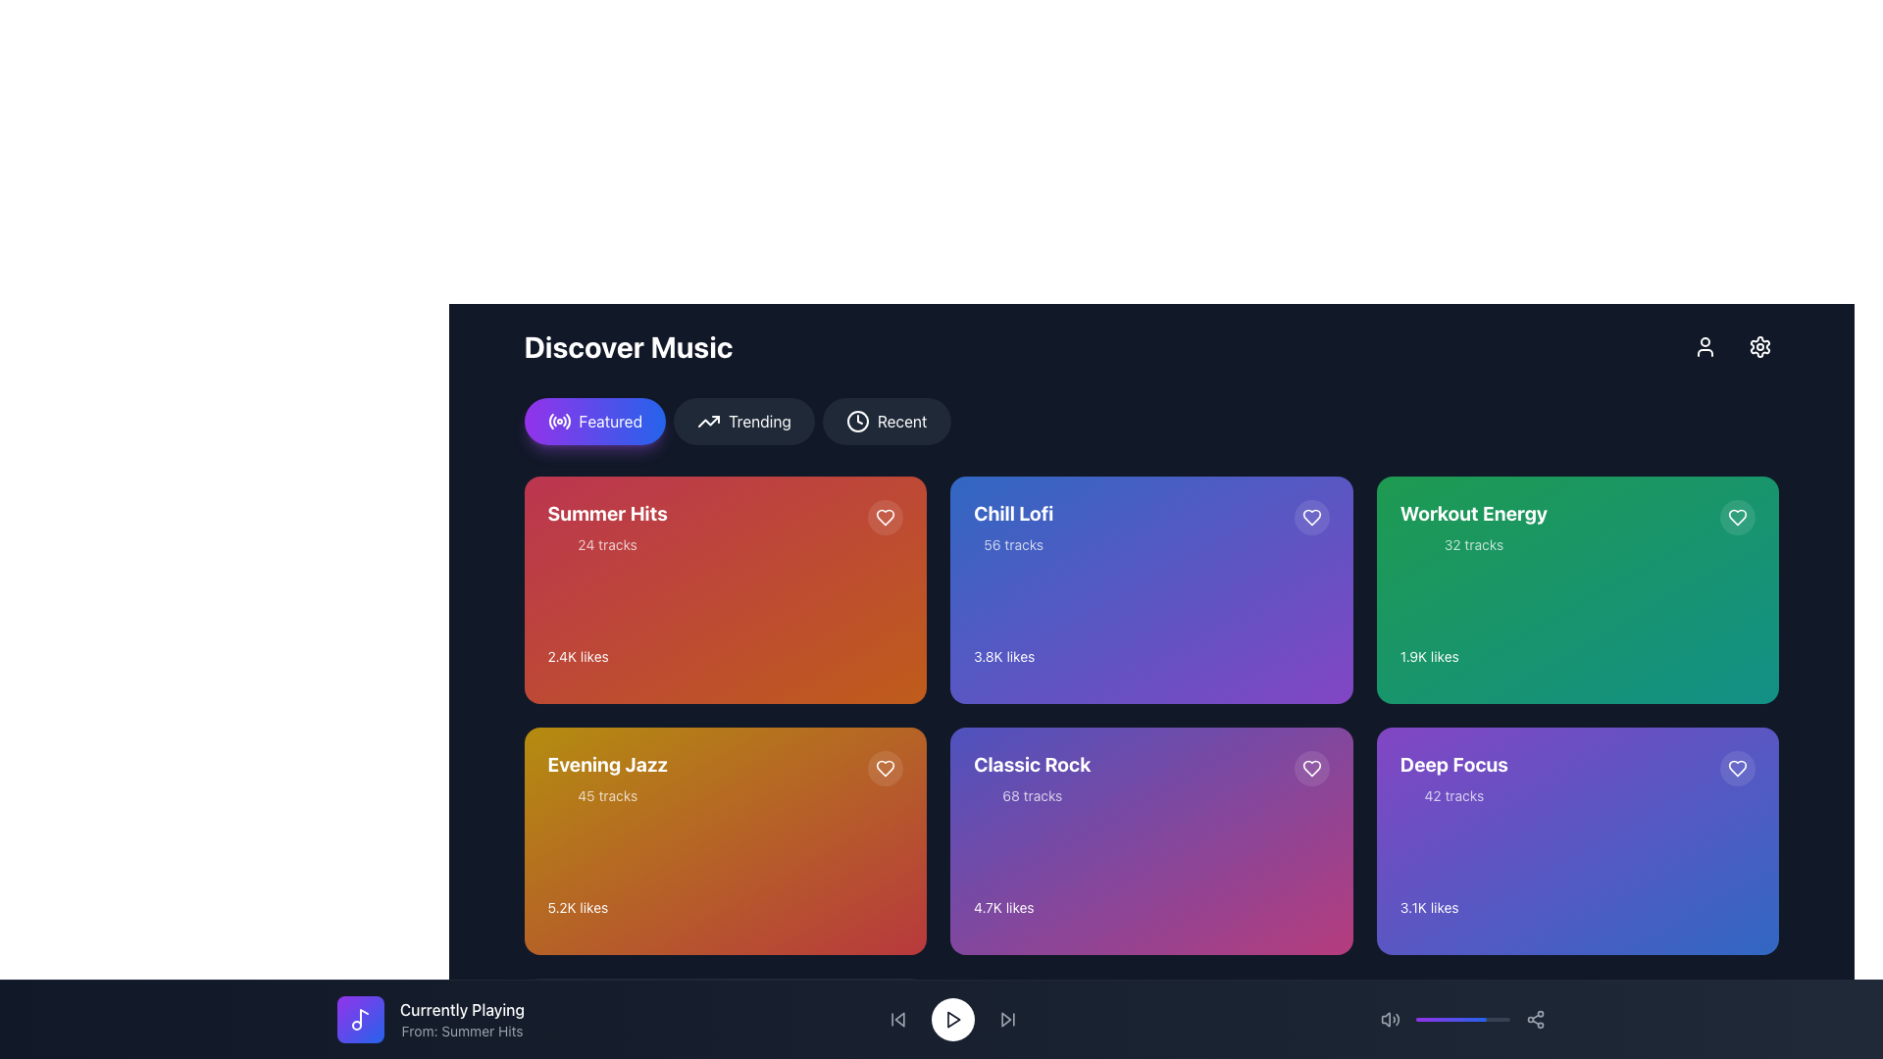  I want to click on the play button located in the bottom-right corner of the purple card labeled 'Chill Lofi', so click(1305, 687).